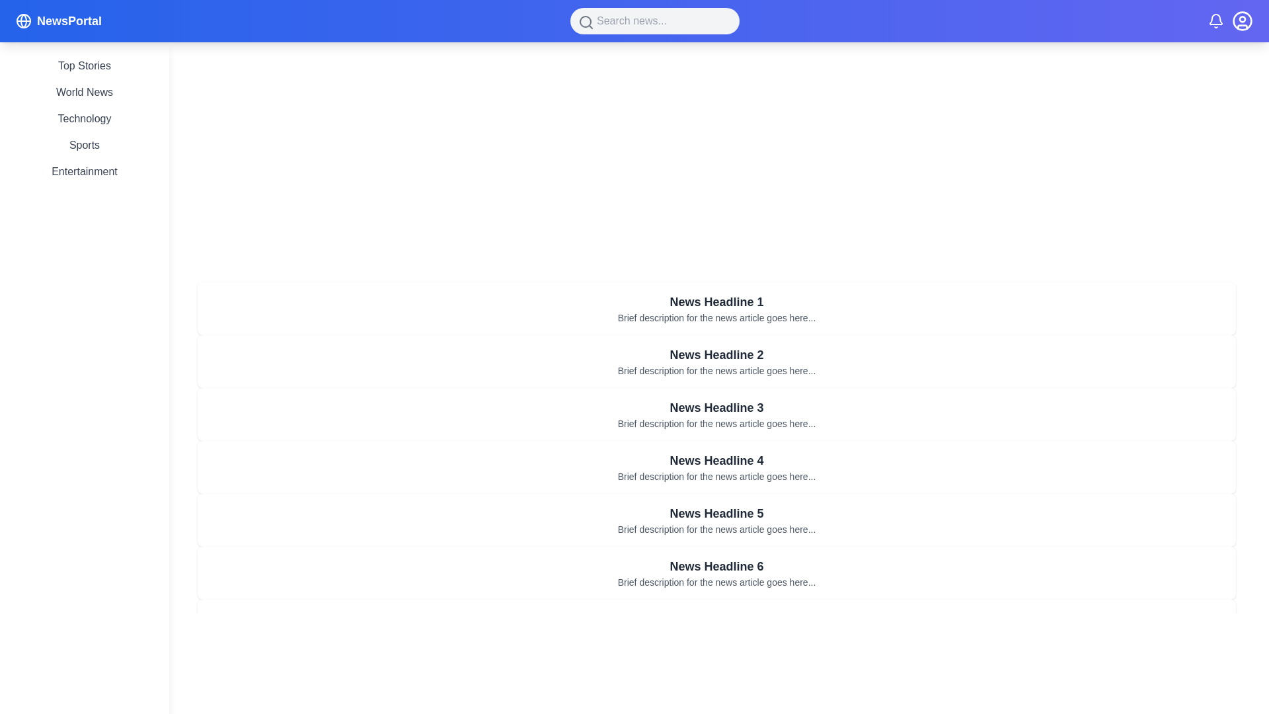 Image resolution: width=1269 pixels, height=714 pixels. What do you see at coordinates (84, 145) in the screenshot?
I see `the 'Sports' navigation link in the sidebar of the 'NewsPortal' interface, which is the fourth item in the vertical navigation list` at bounding box center [84, 145].